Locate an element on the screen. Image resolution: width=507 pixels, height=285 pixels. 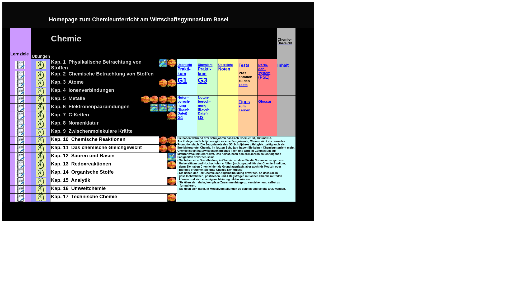
'zum' is located at coordinates (242, 106).